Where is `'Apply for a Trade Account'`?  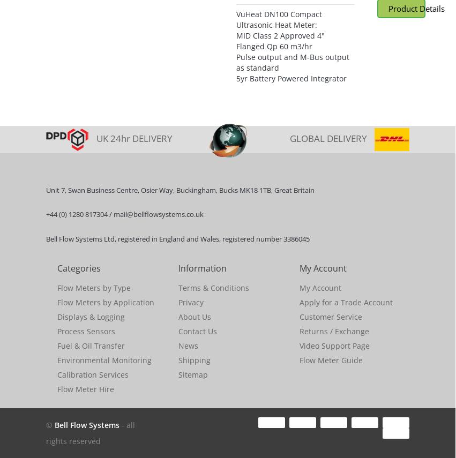
'Apply for a Trade Account' is located at coordinates (345, 302).